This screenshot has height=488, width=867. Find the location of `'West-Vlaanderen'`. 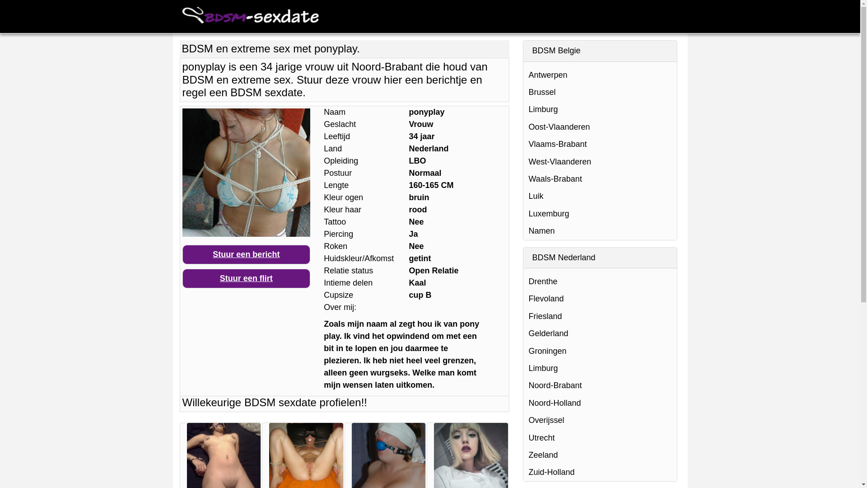

'West-Vlaanderen' is located at coordinates (522, 161).